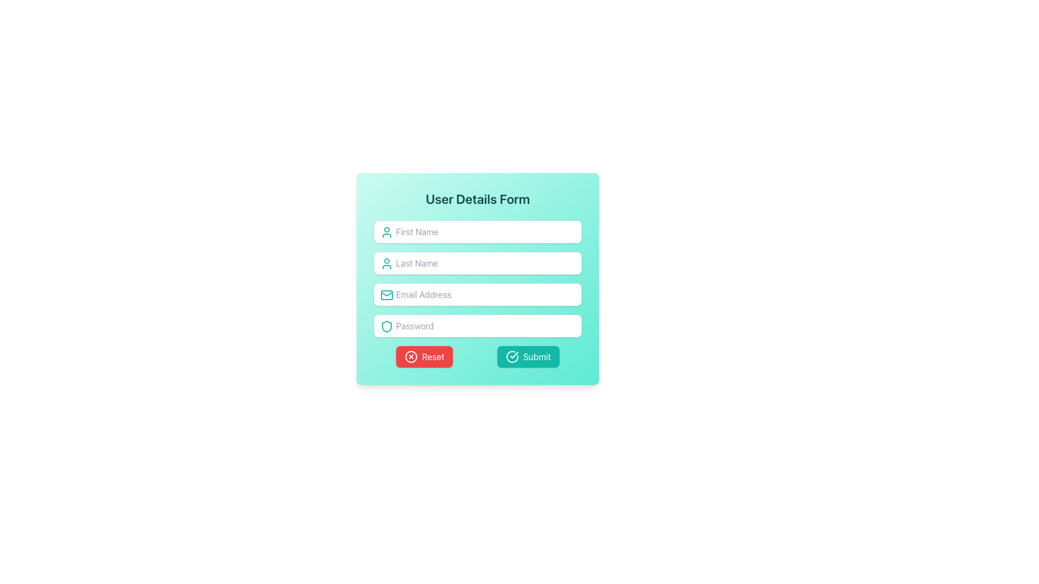 This screenshot has height=584, width=1039. Describe the element at coordinates (410, 356) in the screenshot. I see `the decorative icon indicating the Reset button's cancellation functionality, which is located inside the Reset button at the bottom of the form` at that location.